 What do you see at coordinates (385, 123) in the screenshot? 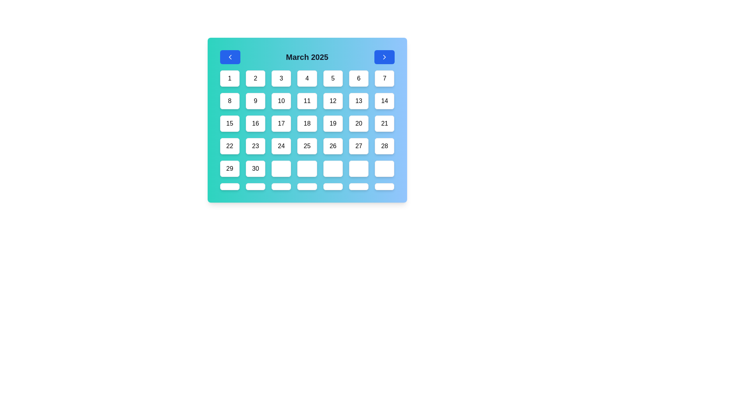
I see `the button representing the 21st of the month in the calendar to choose the date` at bounding box center [385, 123].